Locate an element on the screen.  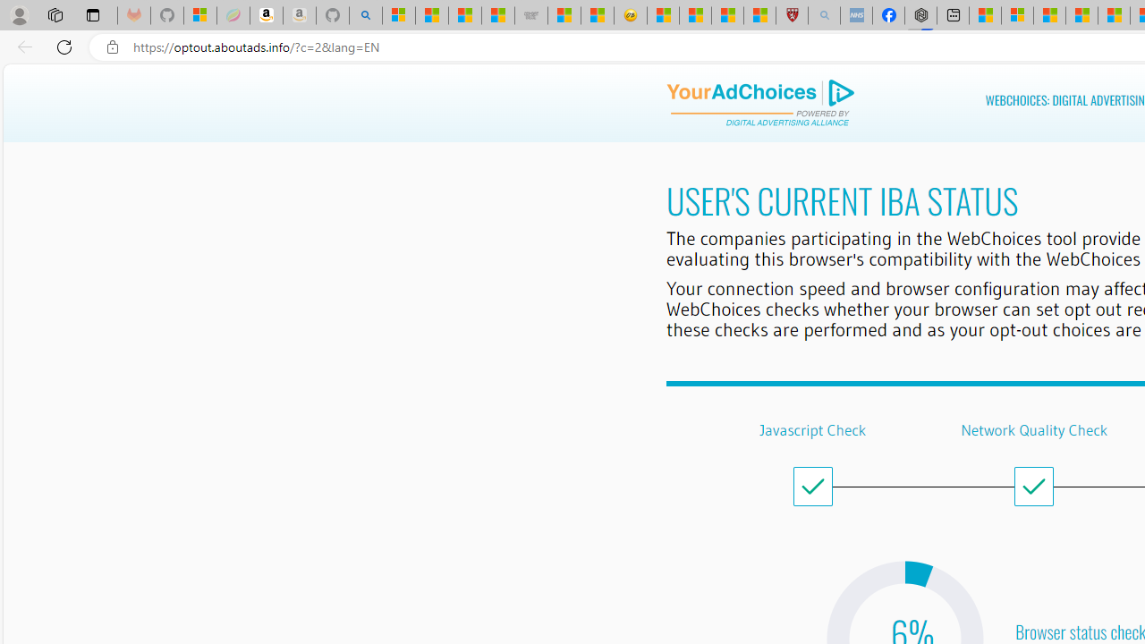
'Robert H. Shmerling, MD - Harvard Health' is located at coordinates (791, 15).